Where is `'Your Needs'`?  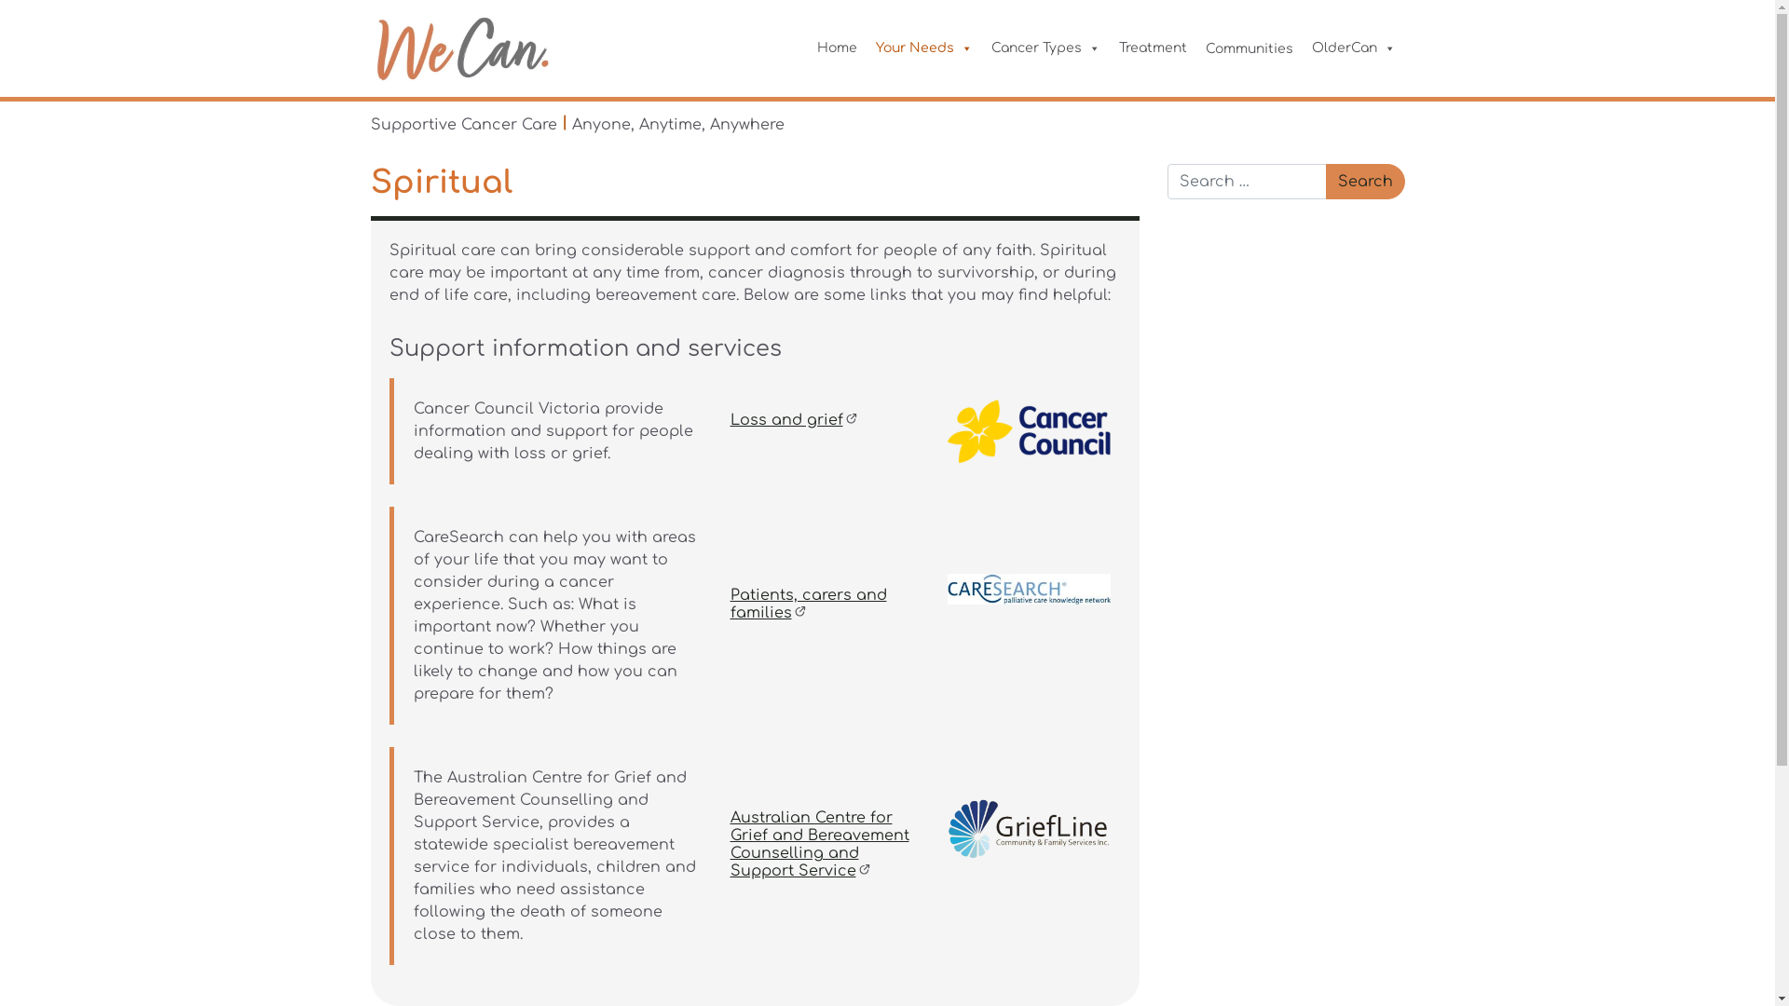 'Your Needs' is located at coordinates (924, 47).